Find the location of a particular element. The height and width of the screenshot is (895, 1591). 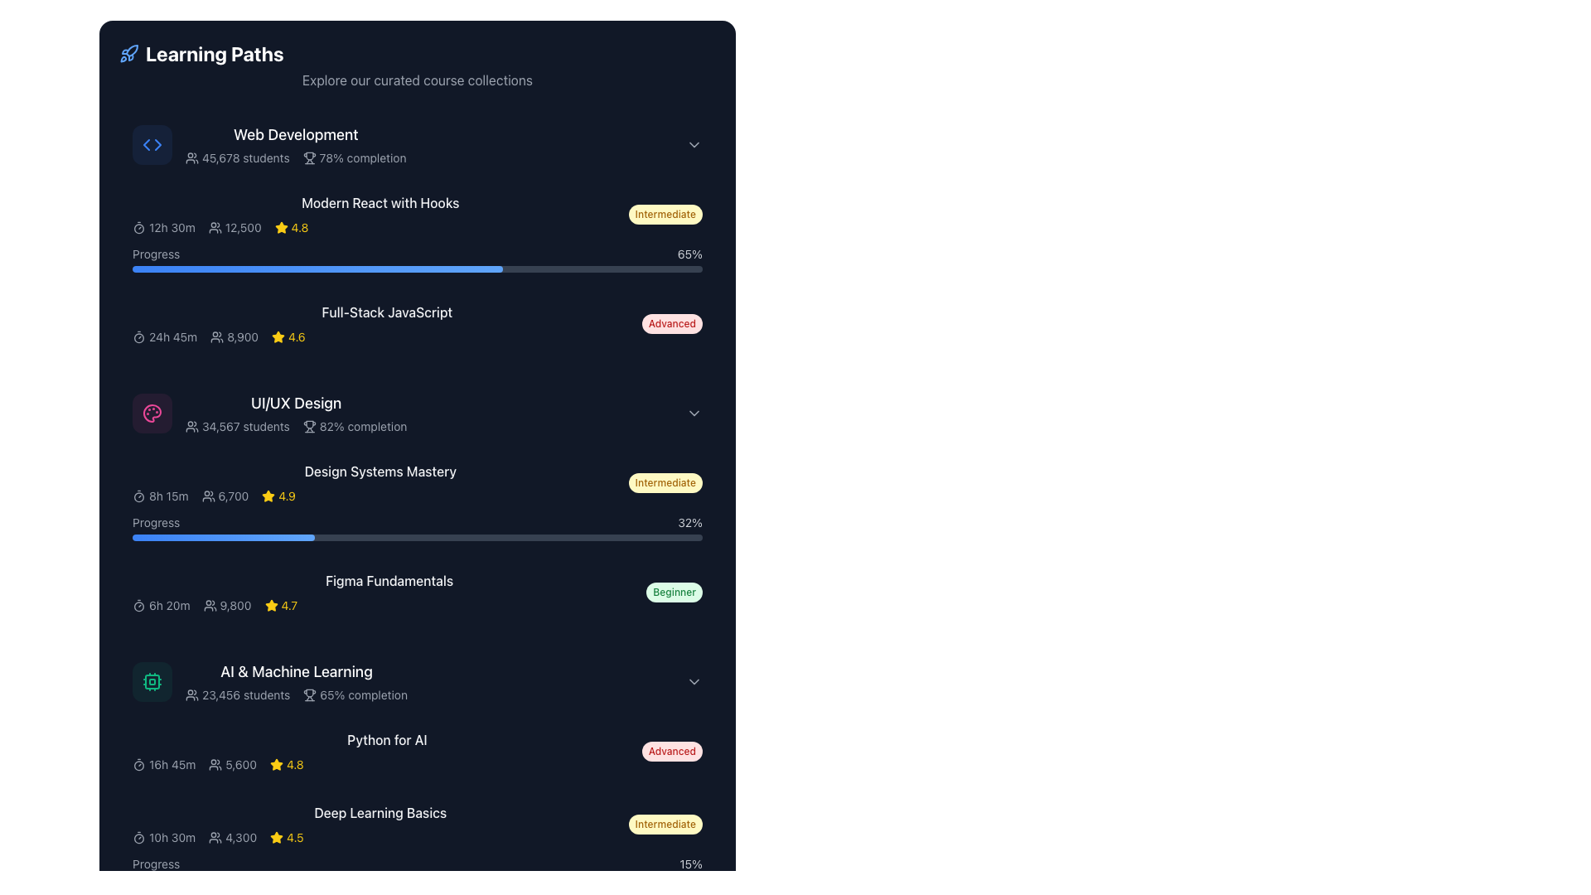

the Text Block with Icon Decorations element displaying 'AI & Machine Learning', located centrally below 'Figma Fundamentals' is located at coordinates (297, 681).